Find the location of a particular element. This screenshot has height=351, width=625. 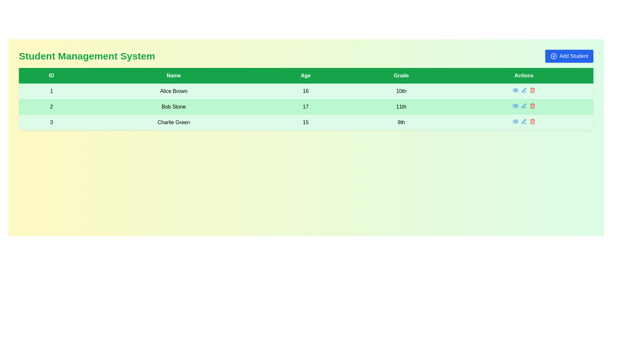

the edit icon button located in the Actions column of the second row of the data table, which is positioned between the eye icon and the trash bin icon is located at coordinates (524, 105).